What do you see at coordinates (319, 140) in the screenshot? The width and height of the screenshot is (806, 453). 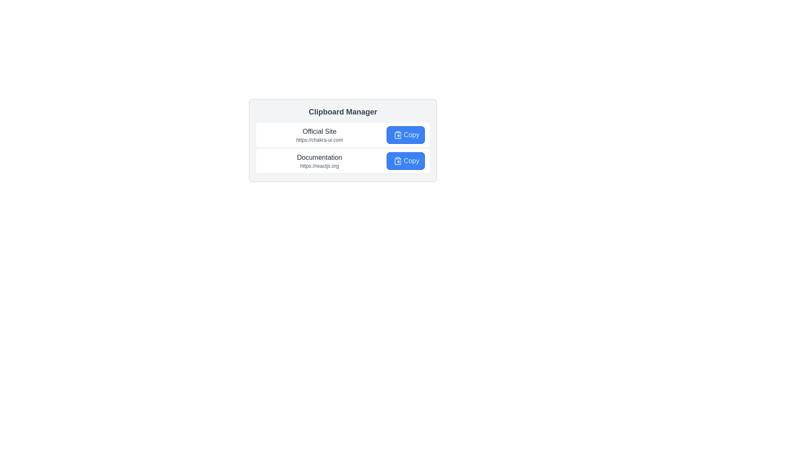 I see `the static text element that displays the URL 'https://chakra-ui.com', positioned centrally below the 'Official Site' text` at bounding box center [319, 140].